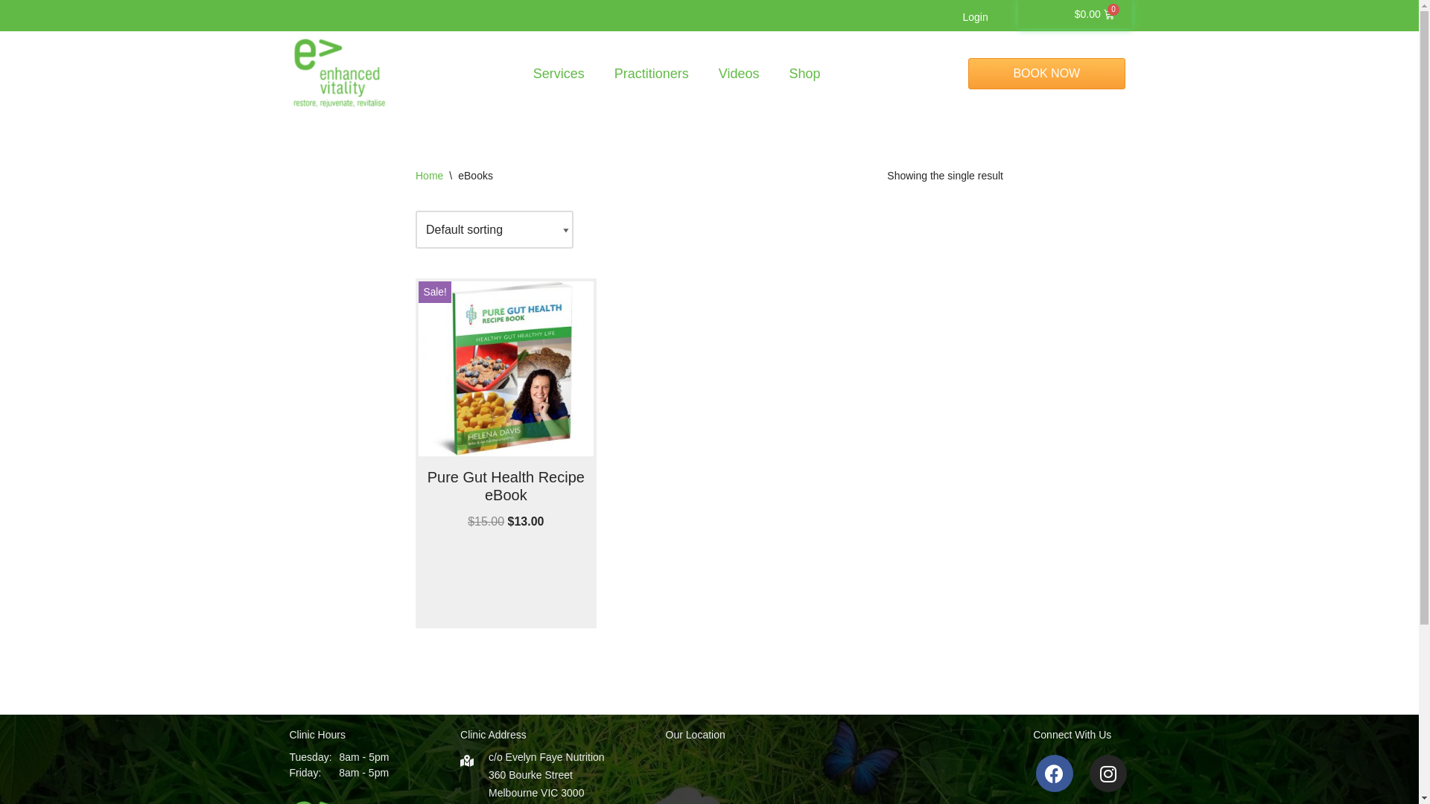  What do you see at coordinates (739, 74) in the screenshot?
I see `'Videos'` at bounding box center [739, 74].